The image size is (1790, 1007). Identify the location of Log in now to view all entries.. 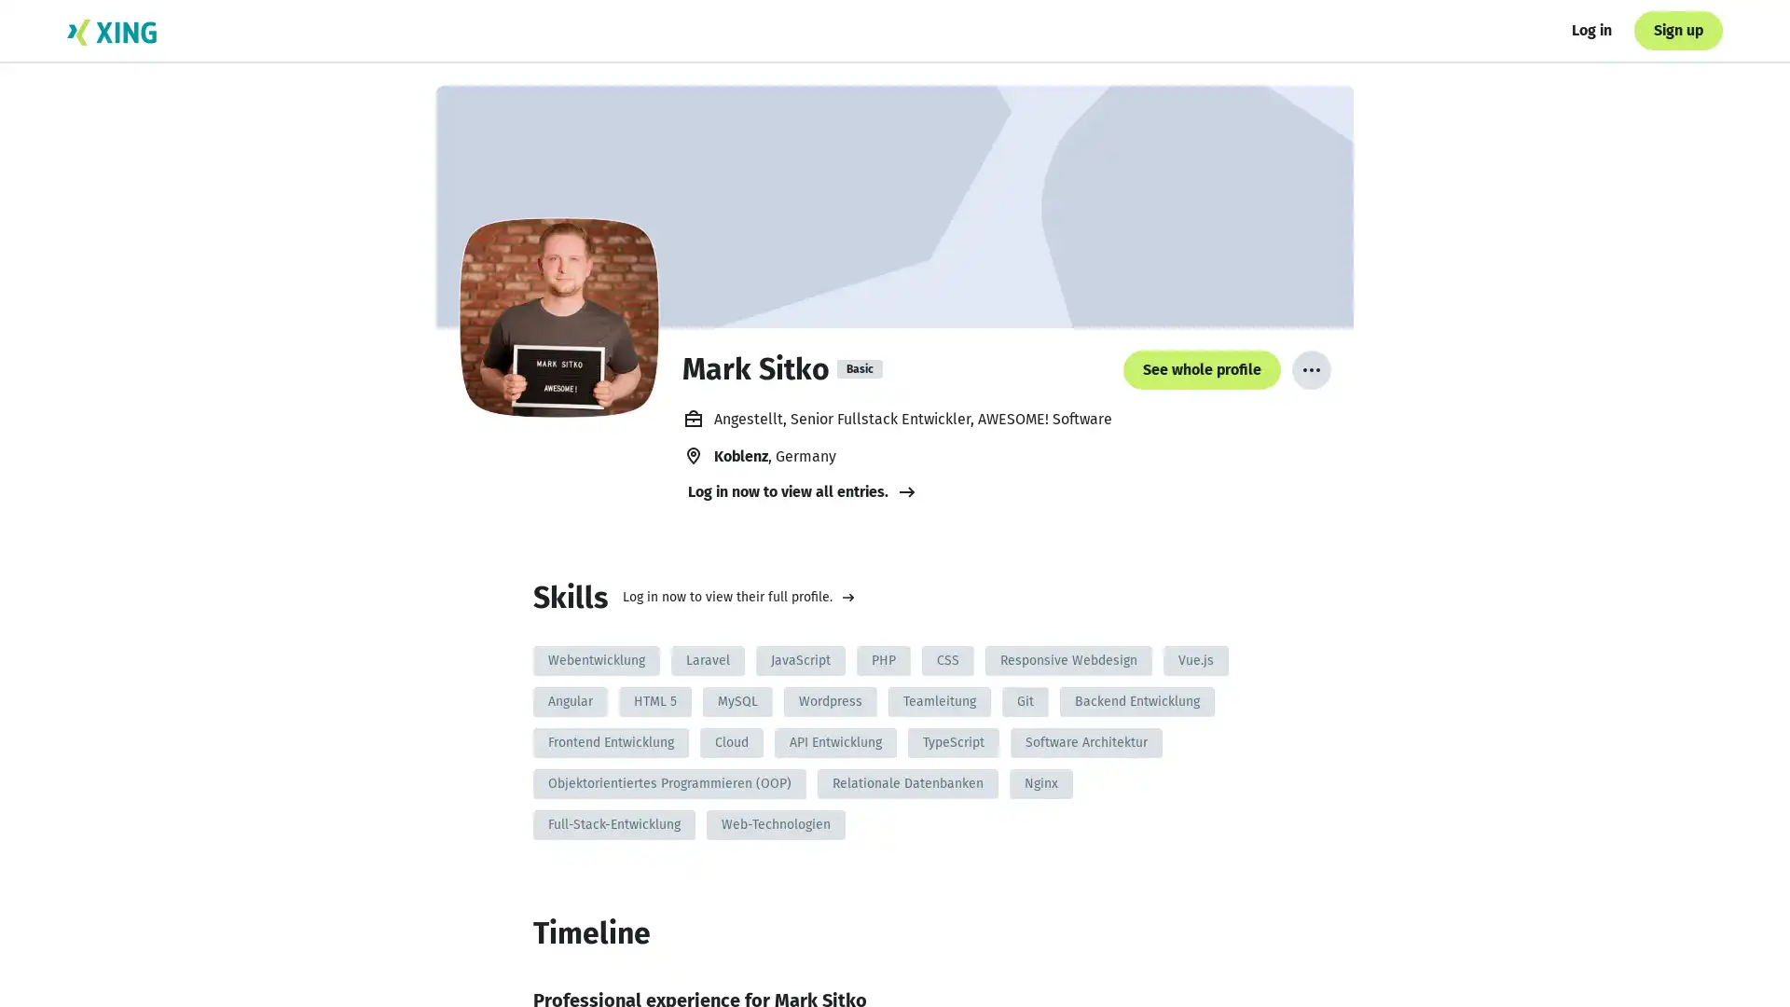
(803, 491).